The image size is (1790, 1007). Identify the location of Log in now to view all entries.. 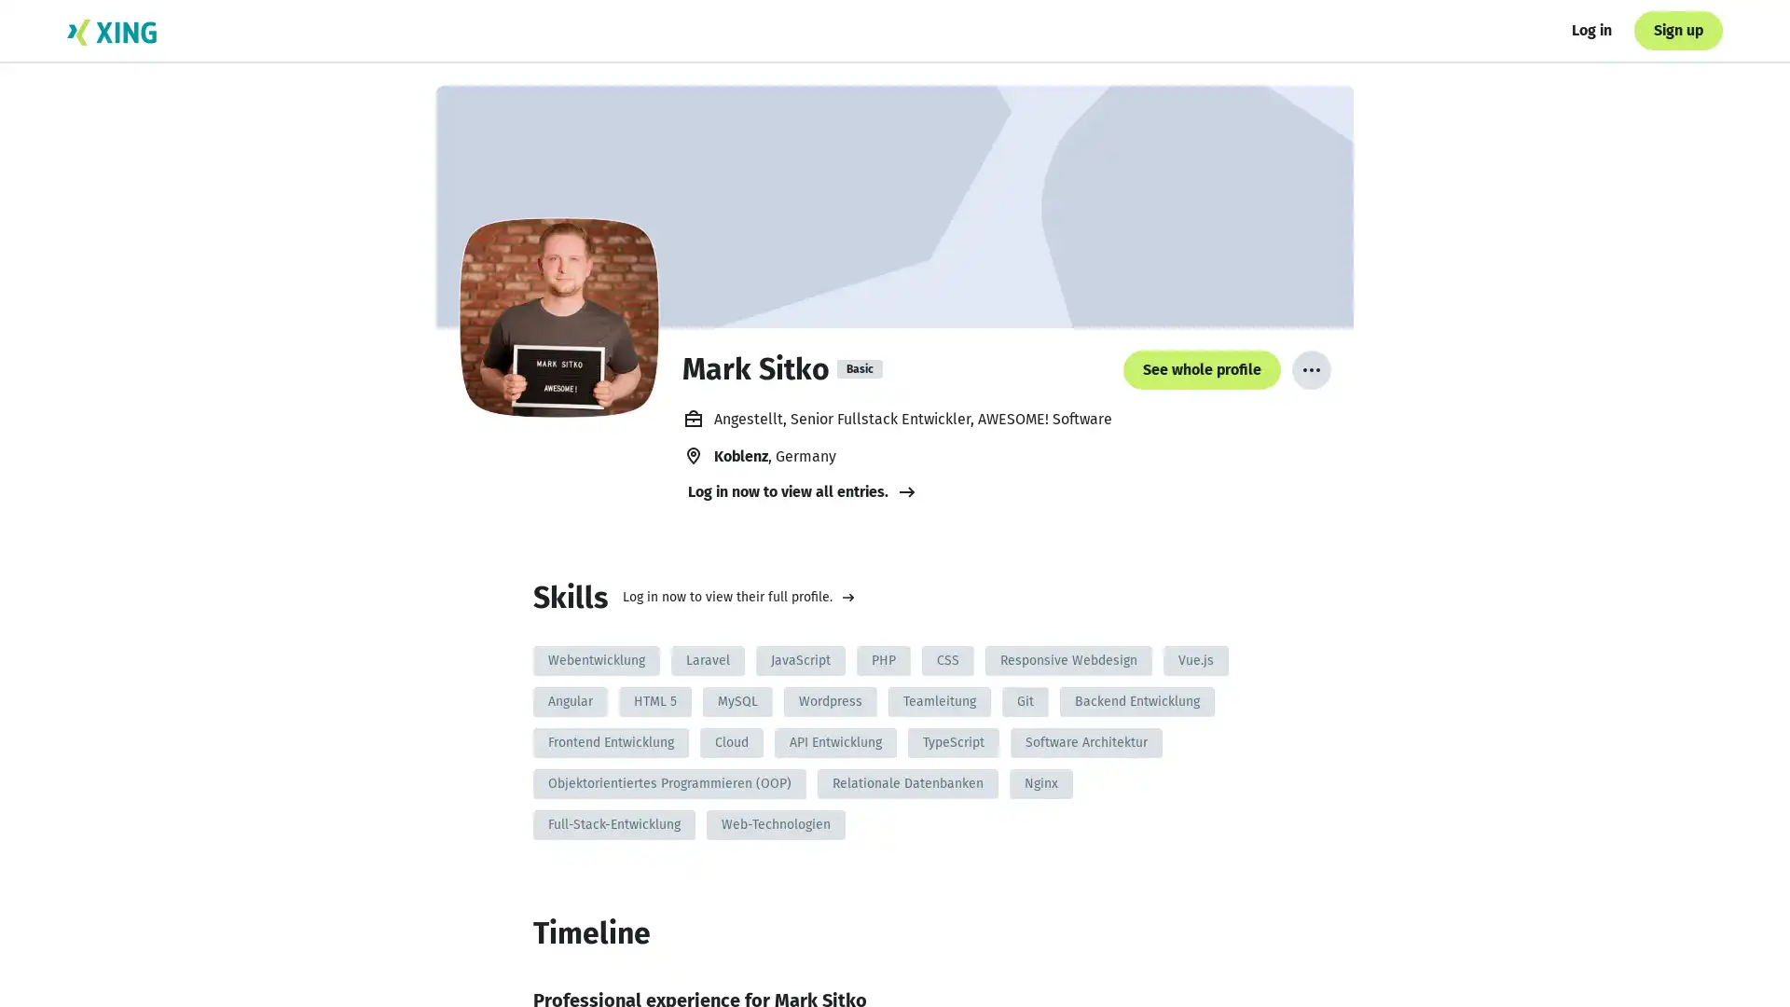
(803, 491).